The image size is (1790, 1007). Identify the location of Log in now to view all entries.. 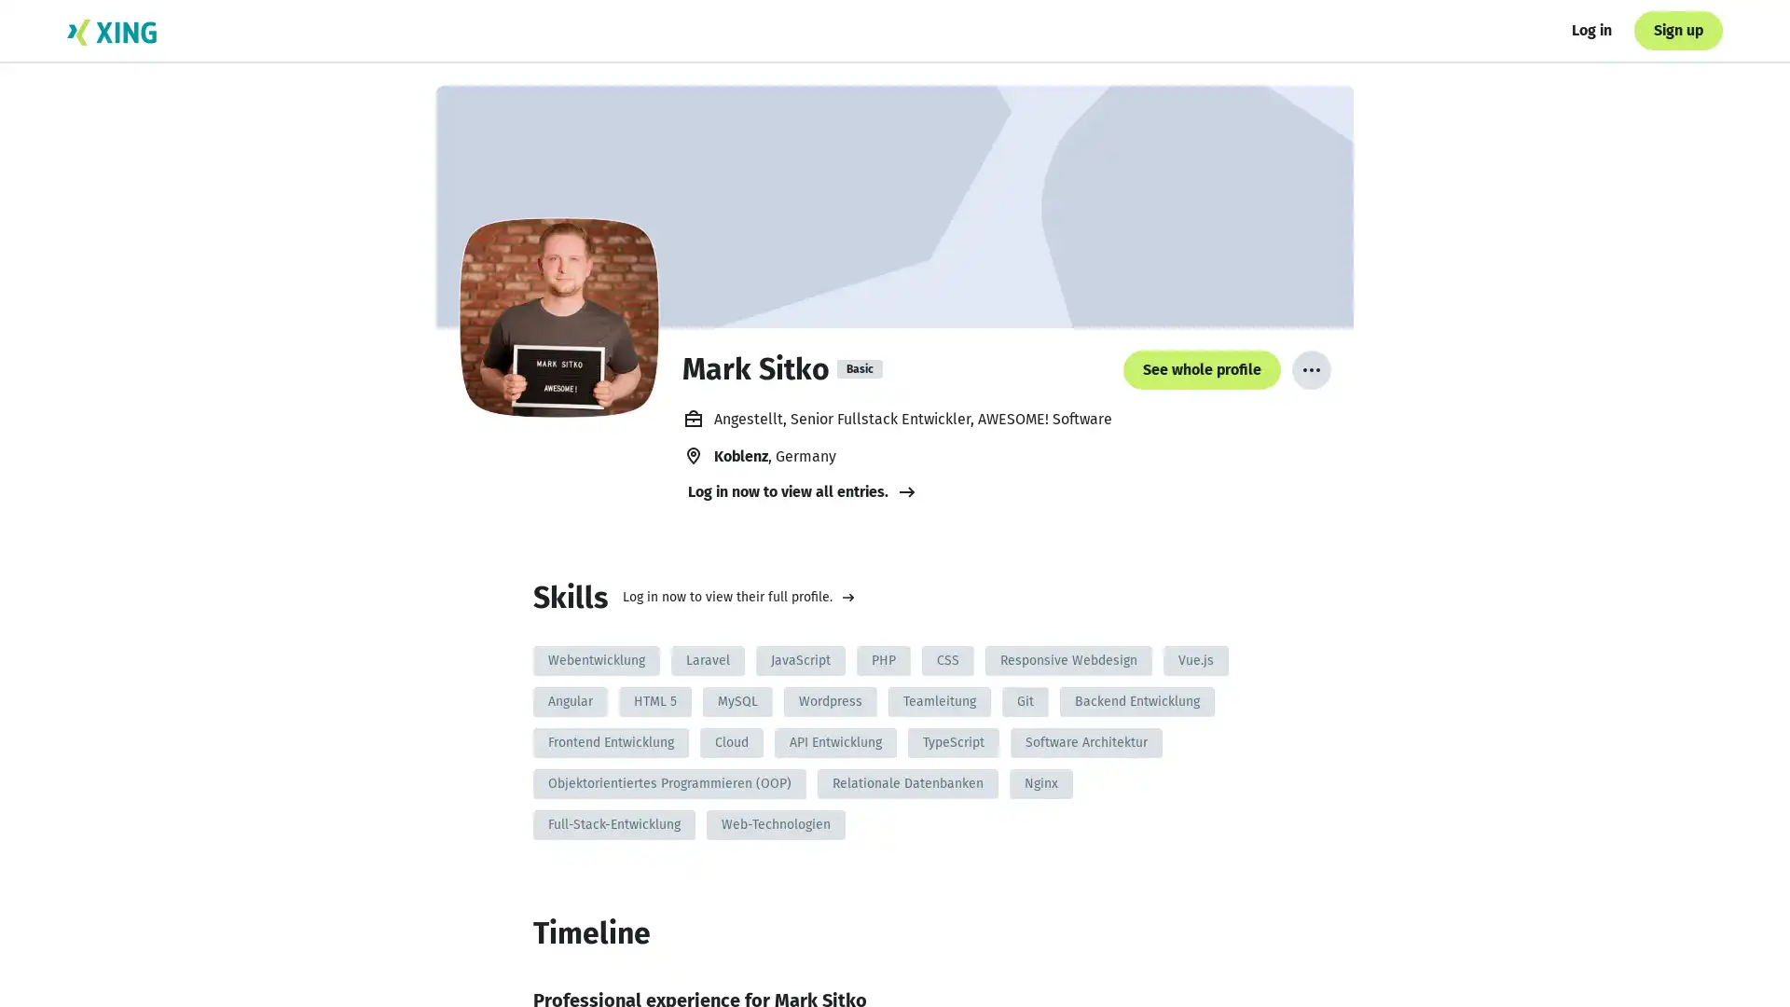
(803, 491).